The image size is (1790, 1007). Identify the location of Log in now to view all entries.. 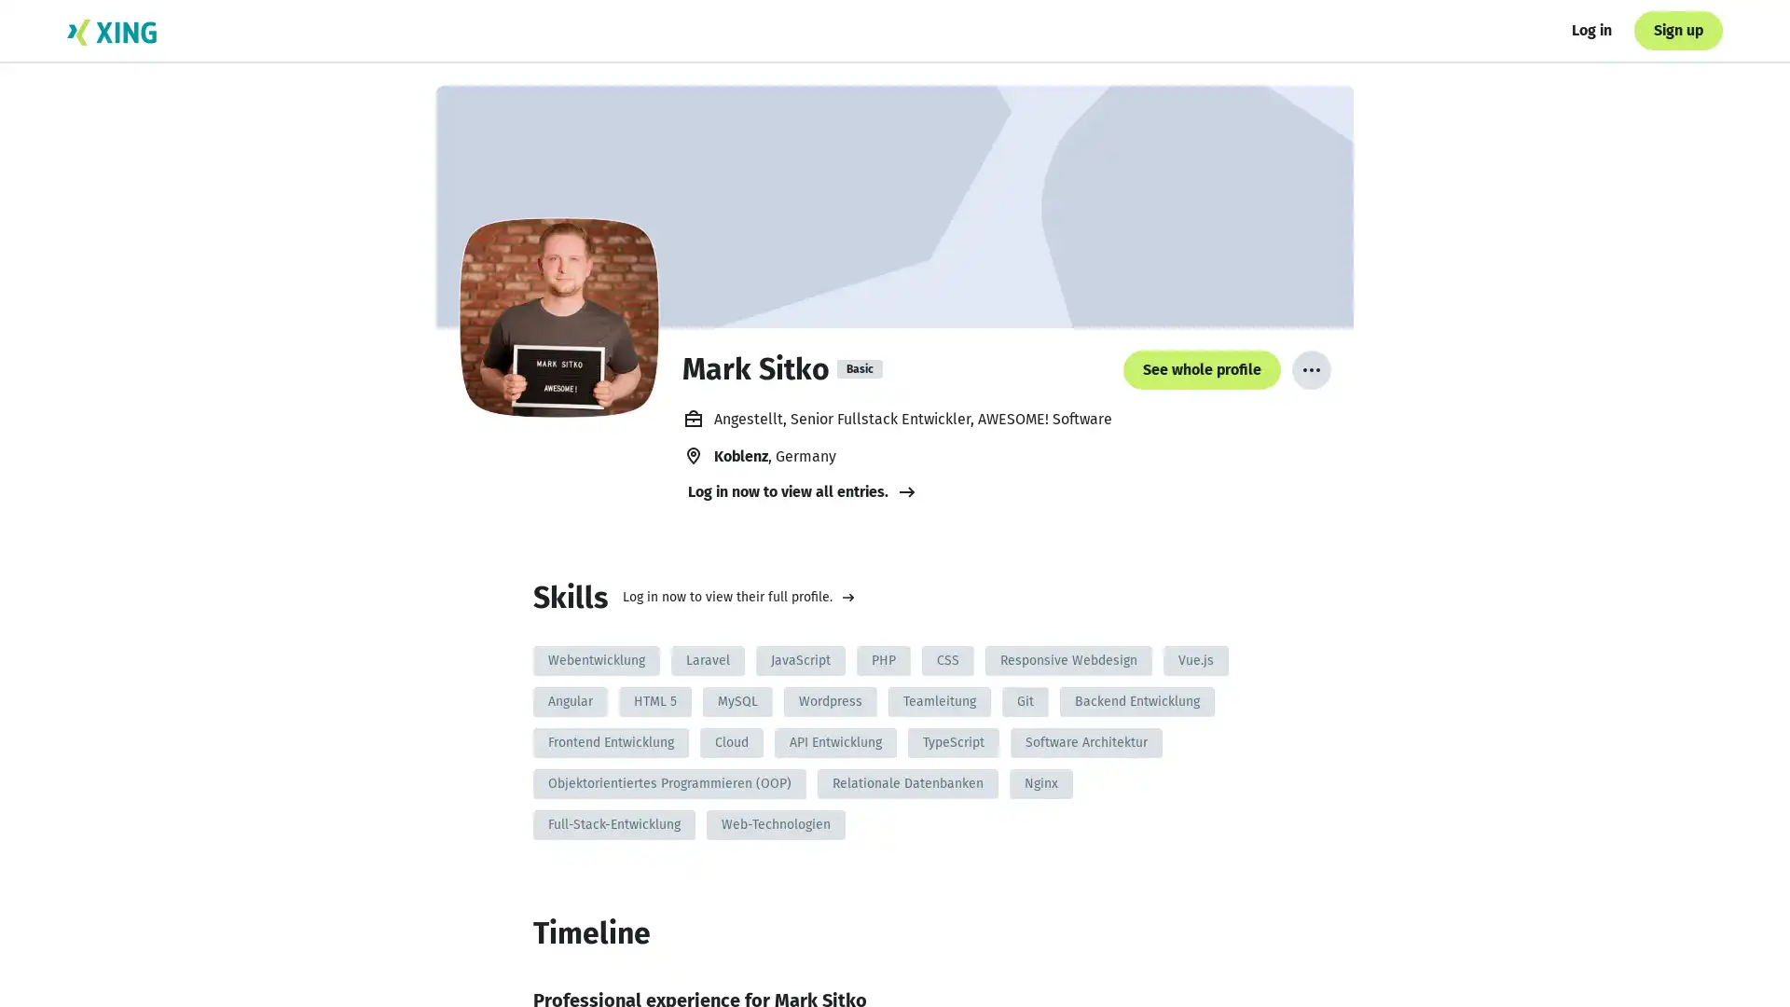
(803, 491).